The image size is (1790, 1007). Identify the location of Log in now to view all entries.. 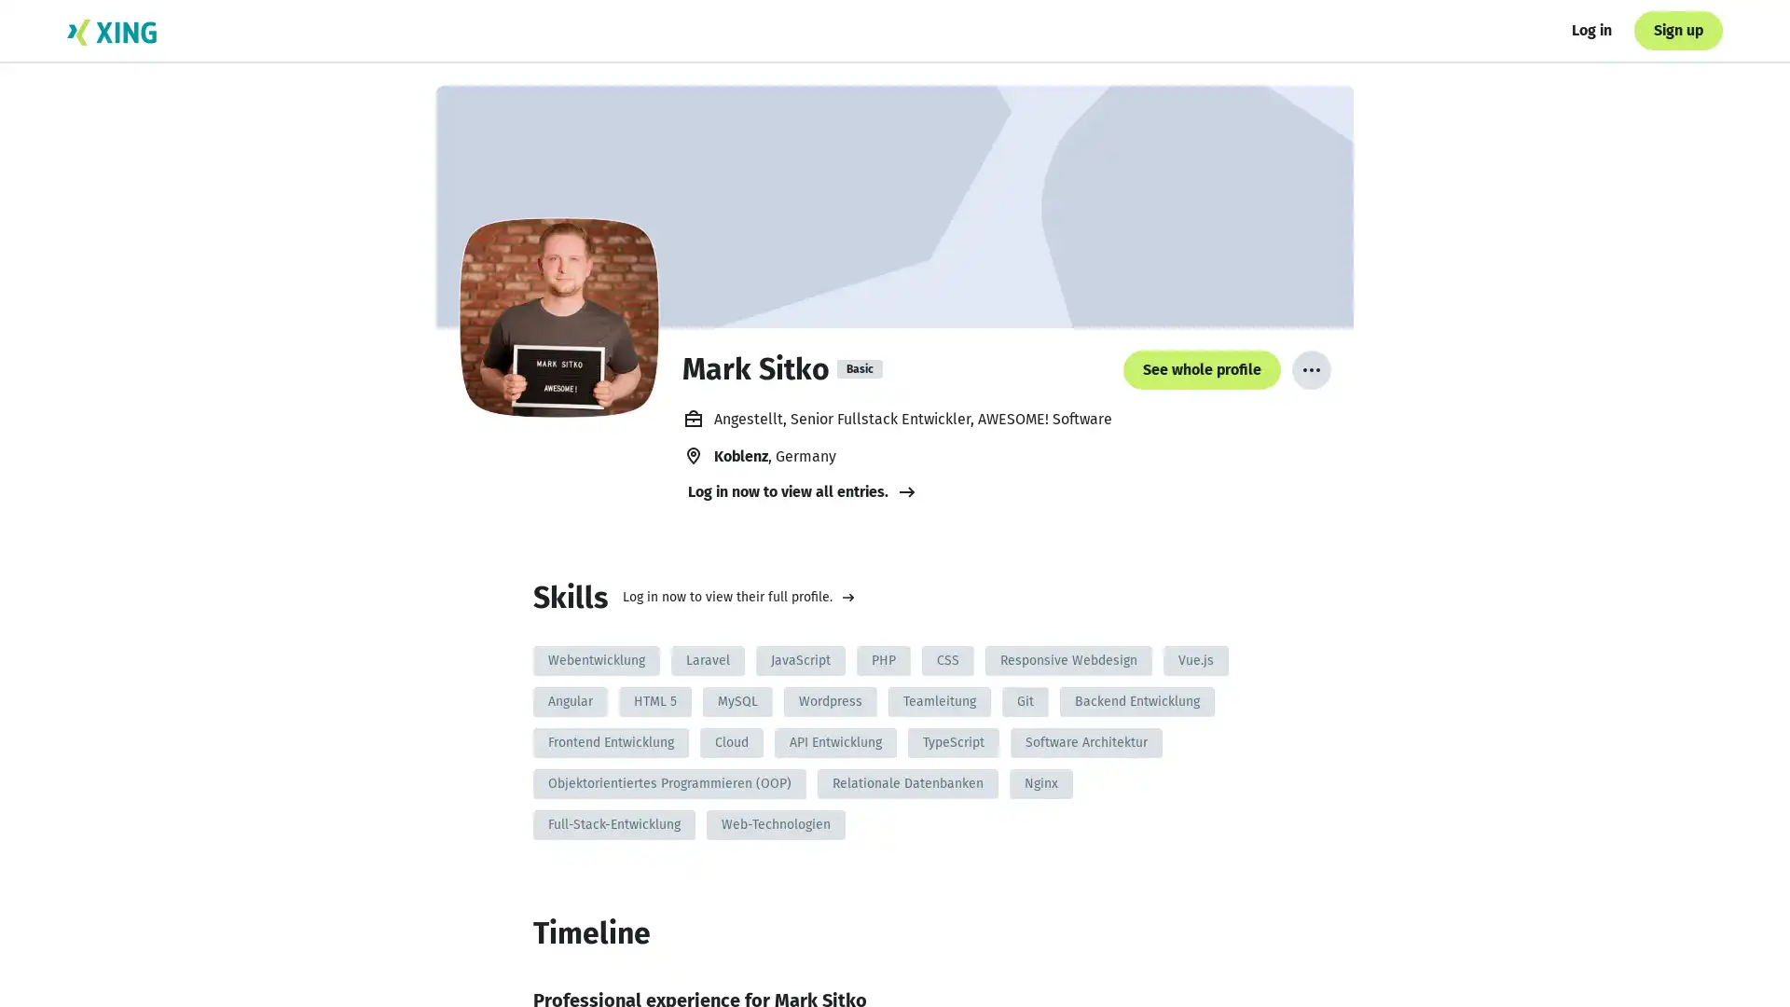
(803, 491).